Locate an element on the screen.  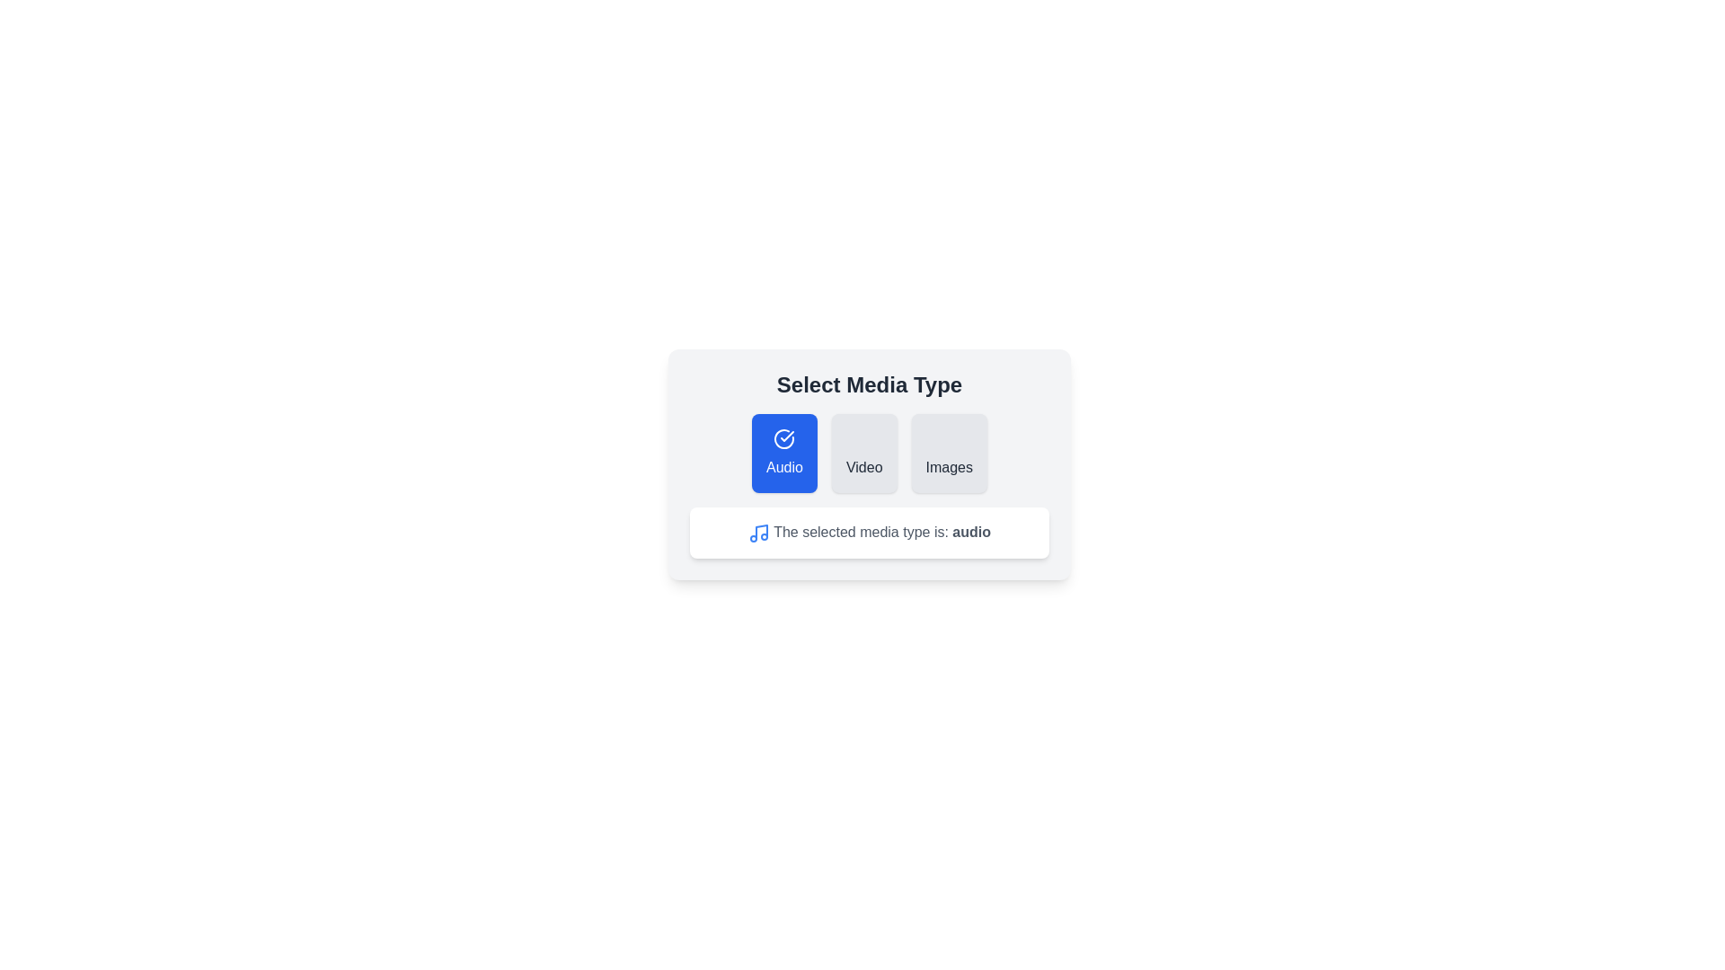
the 'video' option in the group of selectable buttons labeled 'audio', 'video', and 'images', which is located just below the 'Select Media Type' title is located at coordinates (870, 453).